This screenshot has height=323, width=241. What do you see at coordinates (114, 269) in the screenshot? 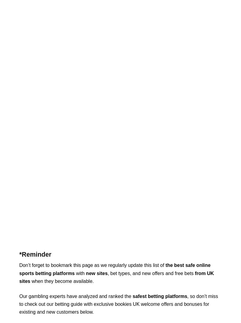
I see `'the best safe online sports betting platforms'` at bounding box center [114, 269].